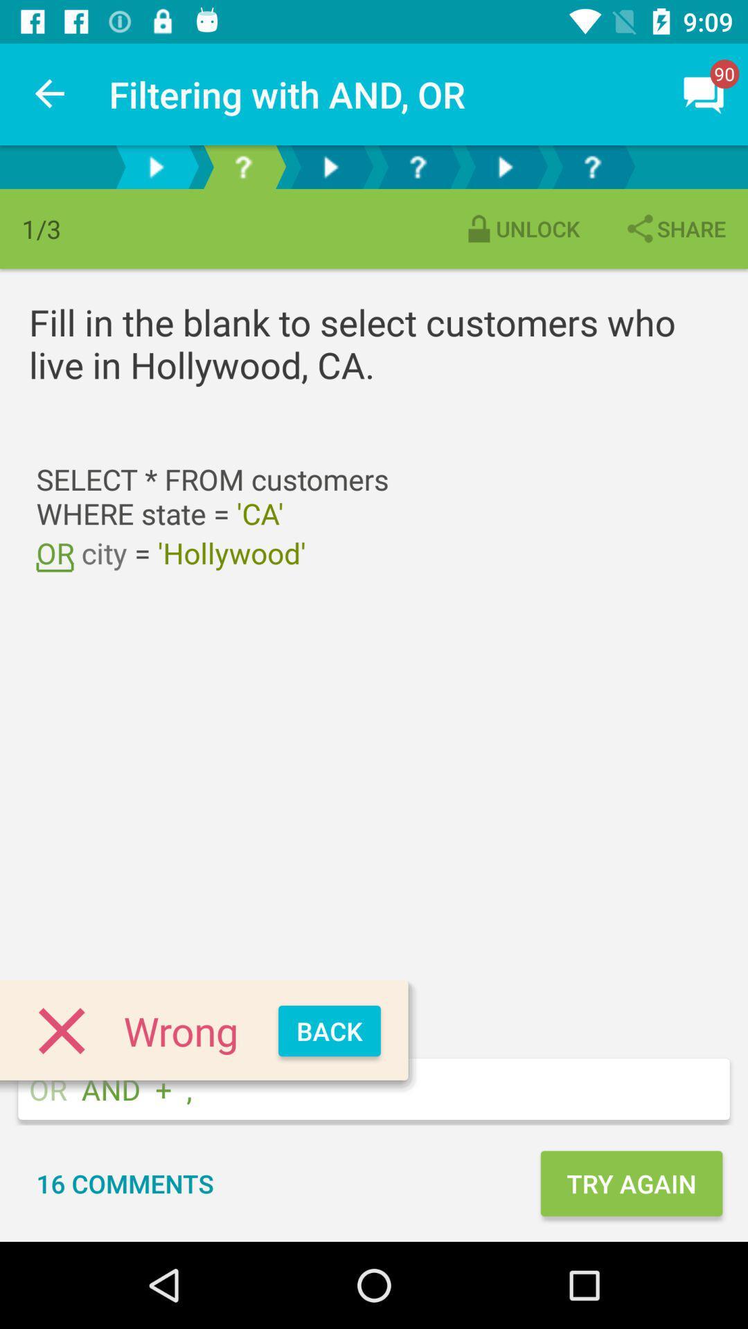 The height and width of the screenshot is (1329, 748). What do you see at coordinates (242, 166) in the screenshot?
I see `step of the quest` at bounding box center [242, 166].